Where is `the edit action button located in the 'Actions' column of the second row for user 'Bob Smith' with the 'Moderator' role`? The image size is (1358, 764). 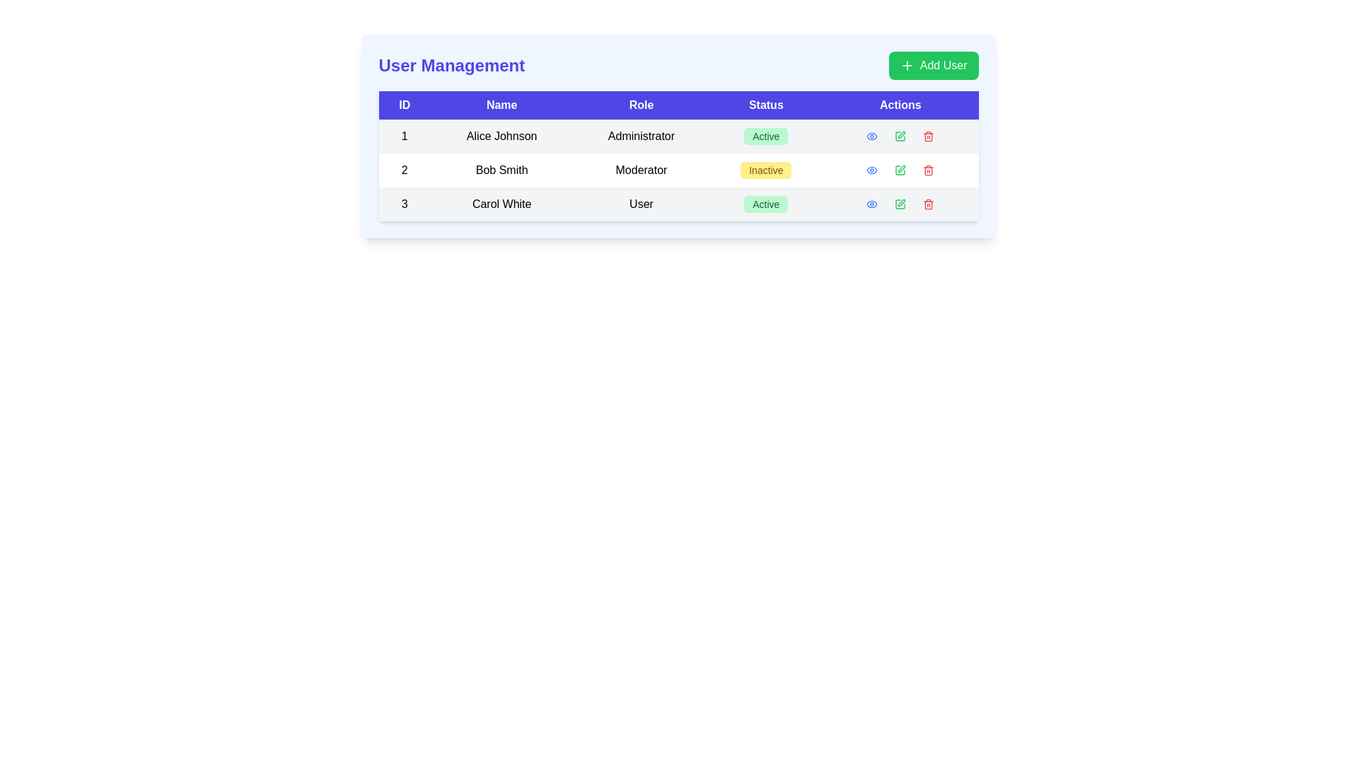 the edit action button located in the 'Actions' column of the second row for user 'Bob Smith' with the 'Moderator' role is located at coordinates (899, 169).